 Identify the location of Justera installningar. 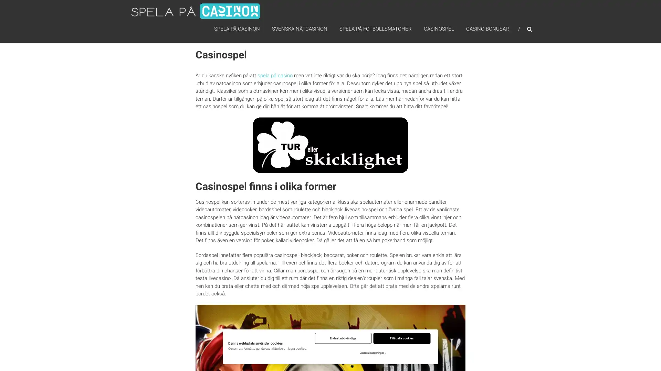
(372, 353).